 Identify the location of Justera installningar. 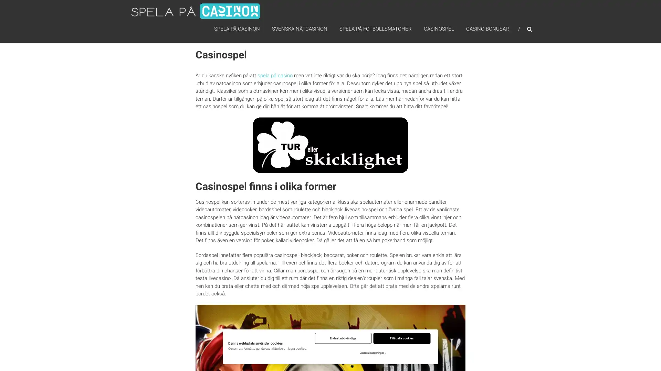
(372, 353).